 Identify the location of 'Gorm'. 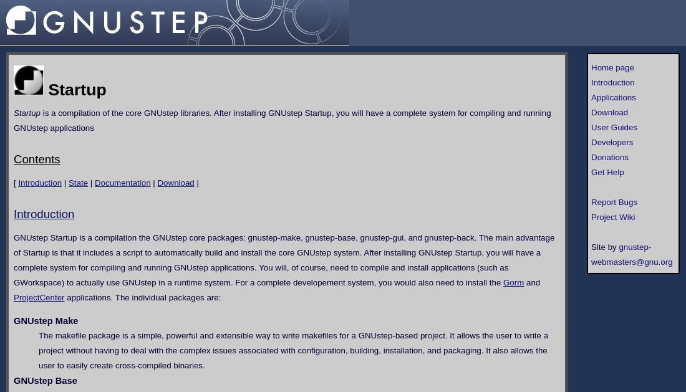
(513, 281).